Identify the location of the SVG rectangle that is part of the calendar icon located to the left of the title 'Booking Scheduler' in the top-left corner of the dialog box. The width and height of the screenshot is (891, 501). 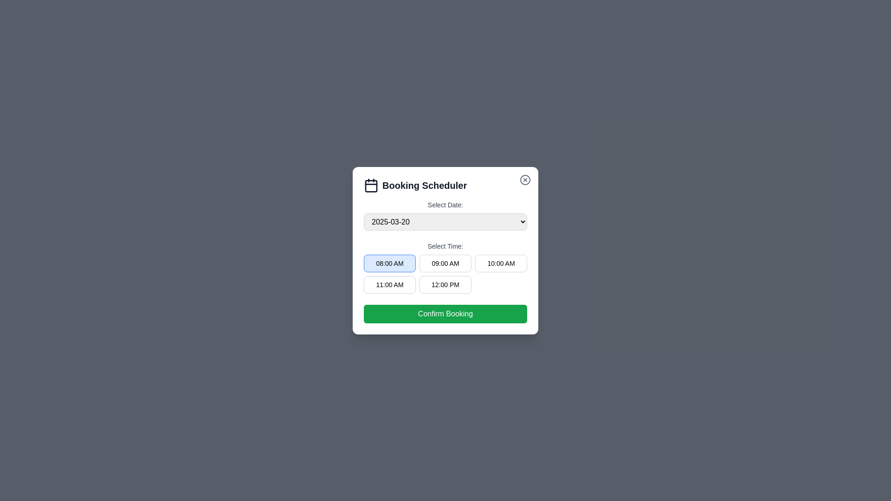
(371, 186).